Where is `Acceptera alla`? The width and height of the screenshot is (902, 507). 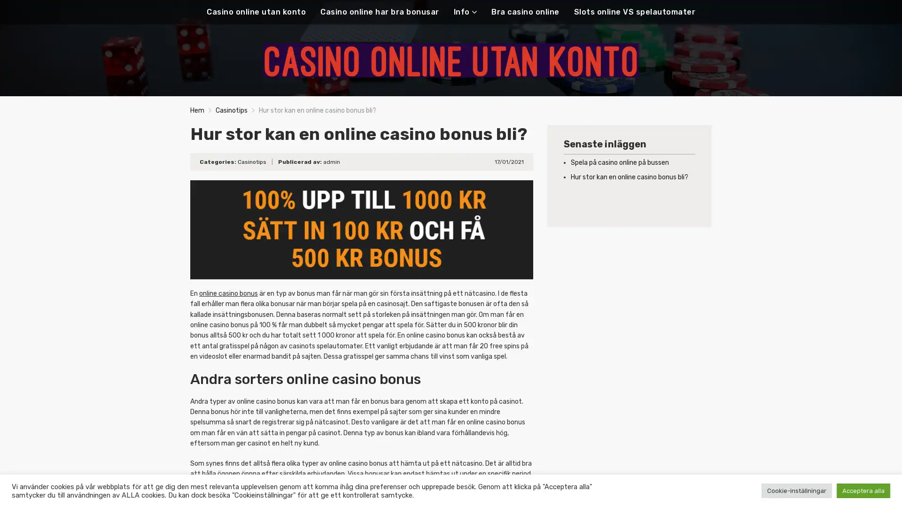 Acceptera alla is located at coordinates (863, 490).